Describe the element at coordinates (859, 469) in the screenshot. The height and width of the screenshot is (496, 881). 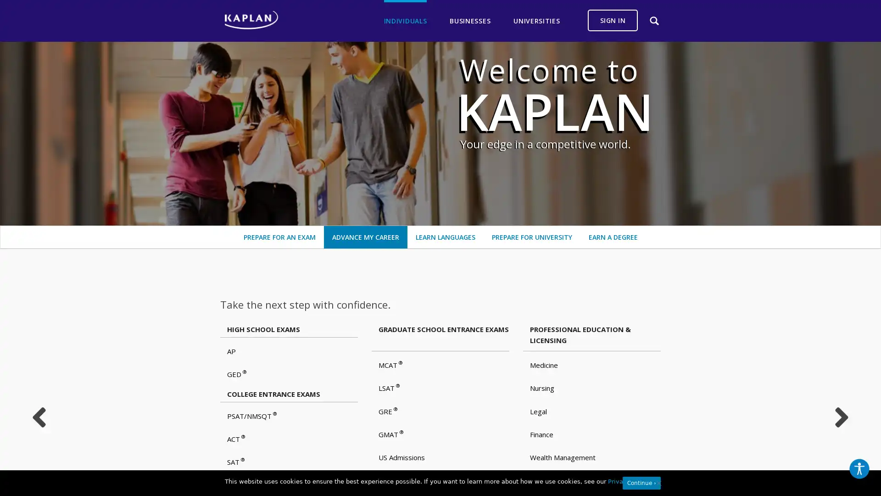
I see `Accessibility Helper sidebar` at that location.